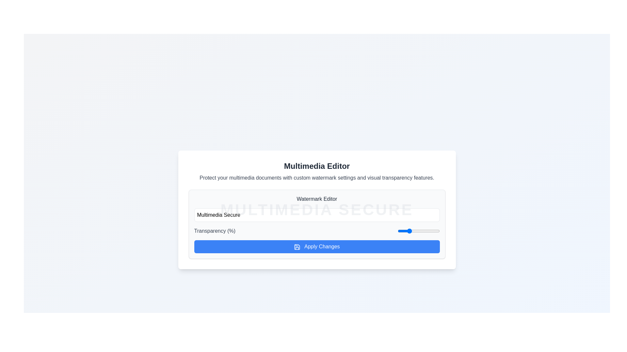 The width and height of the screenshot is (627, 352). What do you see at coordinates (317, 166) in the screenshot?
I see `text content of the Text Label that serves as a title for the multimedia editing section, specifically the text 'Multimedia Editor'` at bounding box center [317, 166].